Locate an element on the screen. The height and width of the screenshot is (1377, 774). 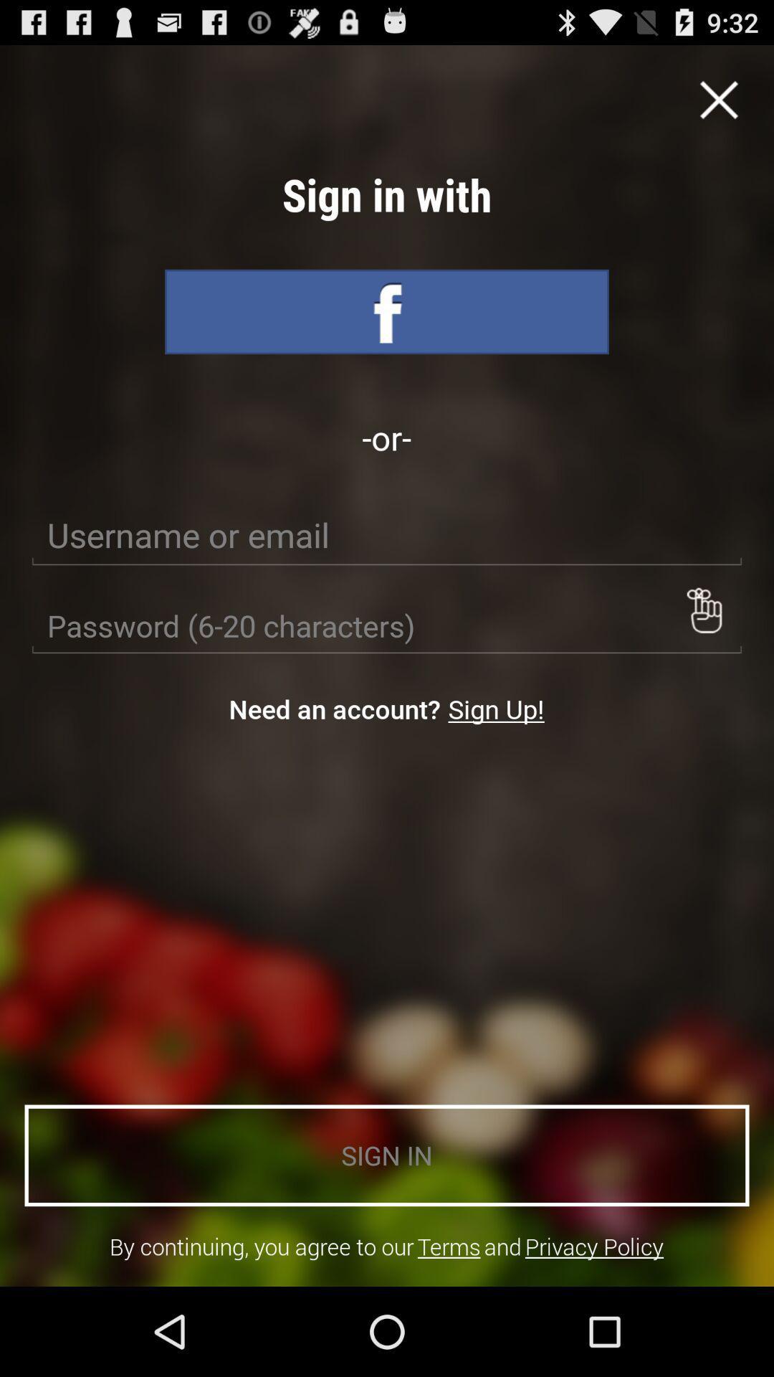
password is located at coordinates (387, 626).